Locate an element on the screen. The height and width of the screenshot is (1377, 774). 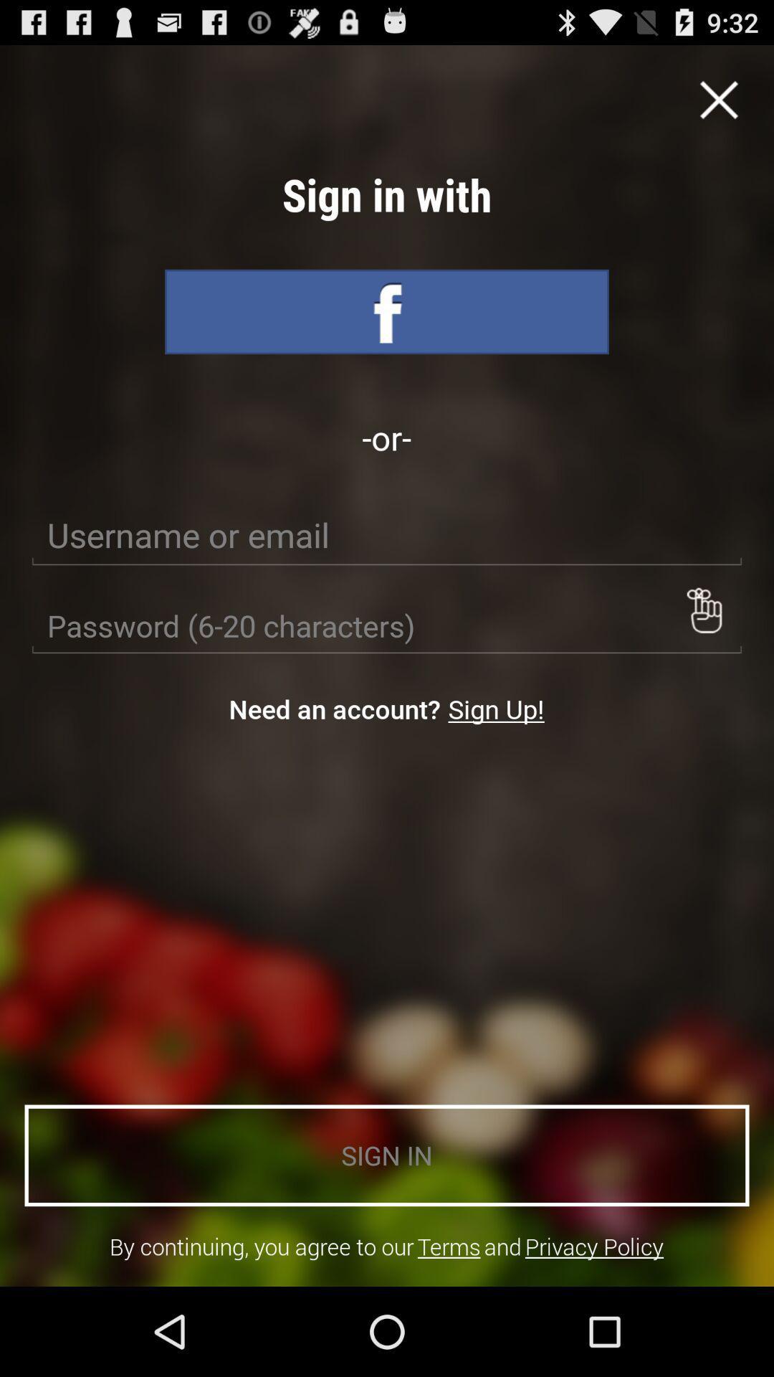
password is located at coordinates (387, 626).